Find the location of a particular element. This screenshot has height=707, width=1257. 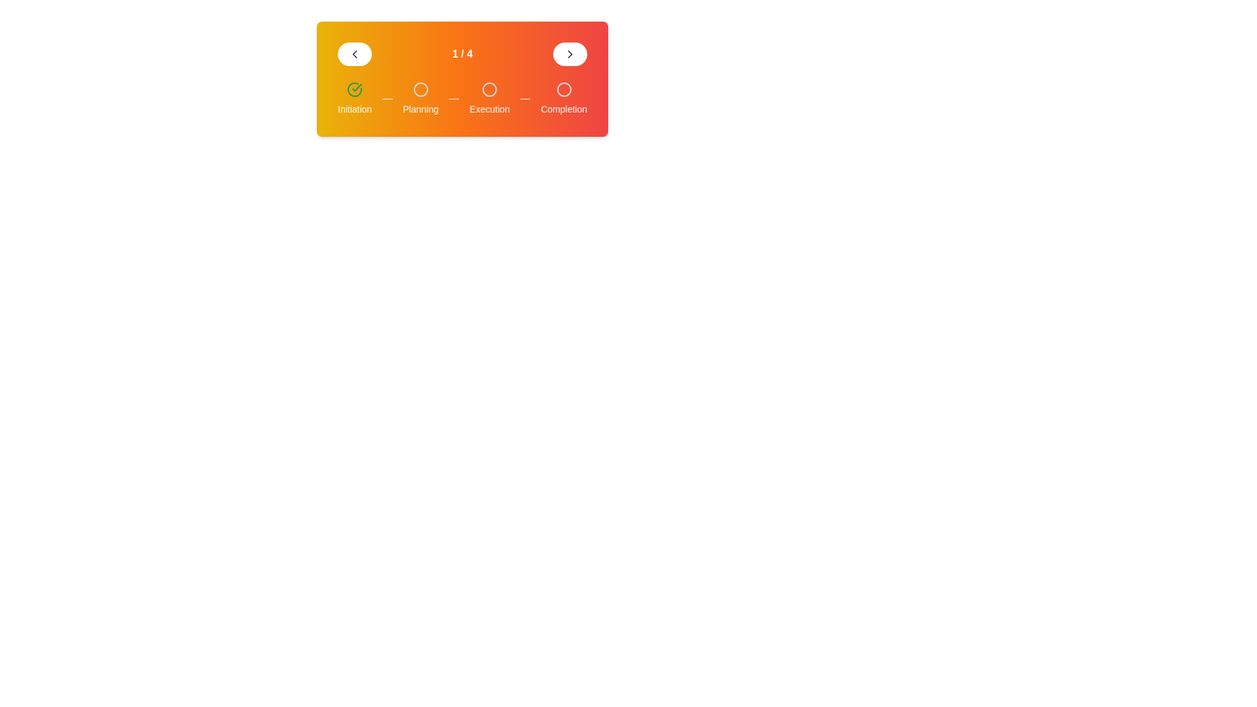

the first step of the interactive status step indicator, which indicates that the 'Initiation' stage has been completed is located at coordinates (355, 98).